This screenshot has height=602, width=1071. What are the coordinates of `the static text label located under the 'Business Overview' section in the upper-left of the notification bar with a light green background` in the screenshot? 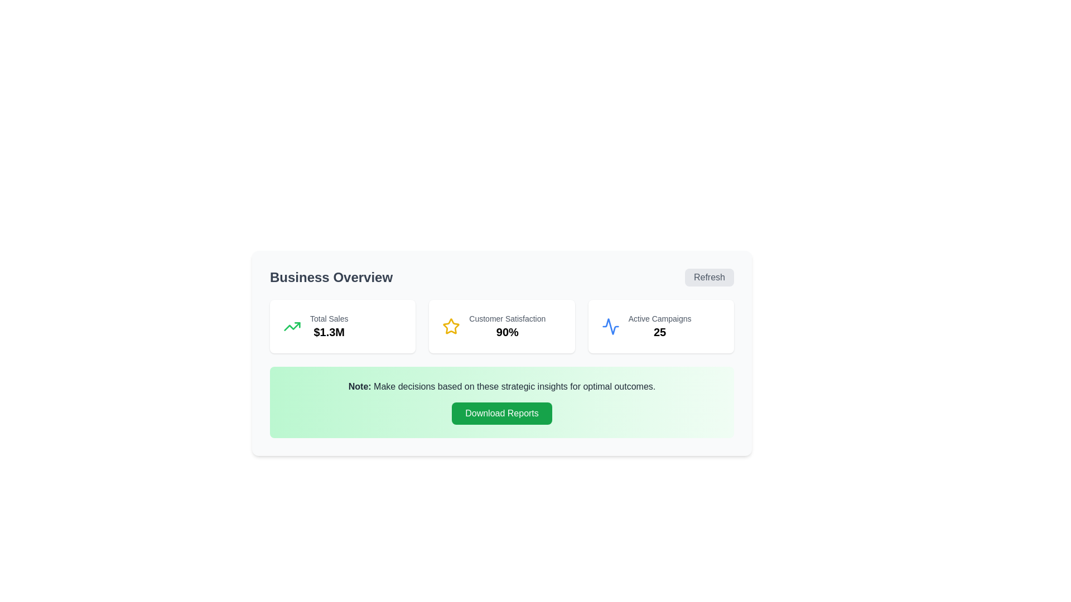 It's located at (360, 386).